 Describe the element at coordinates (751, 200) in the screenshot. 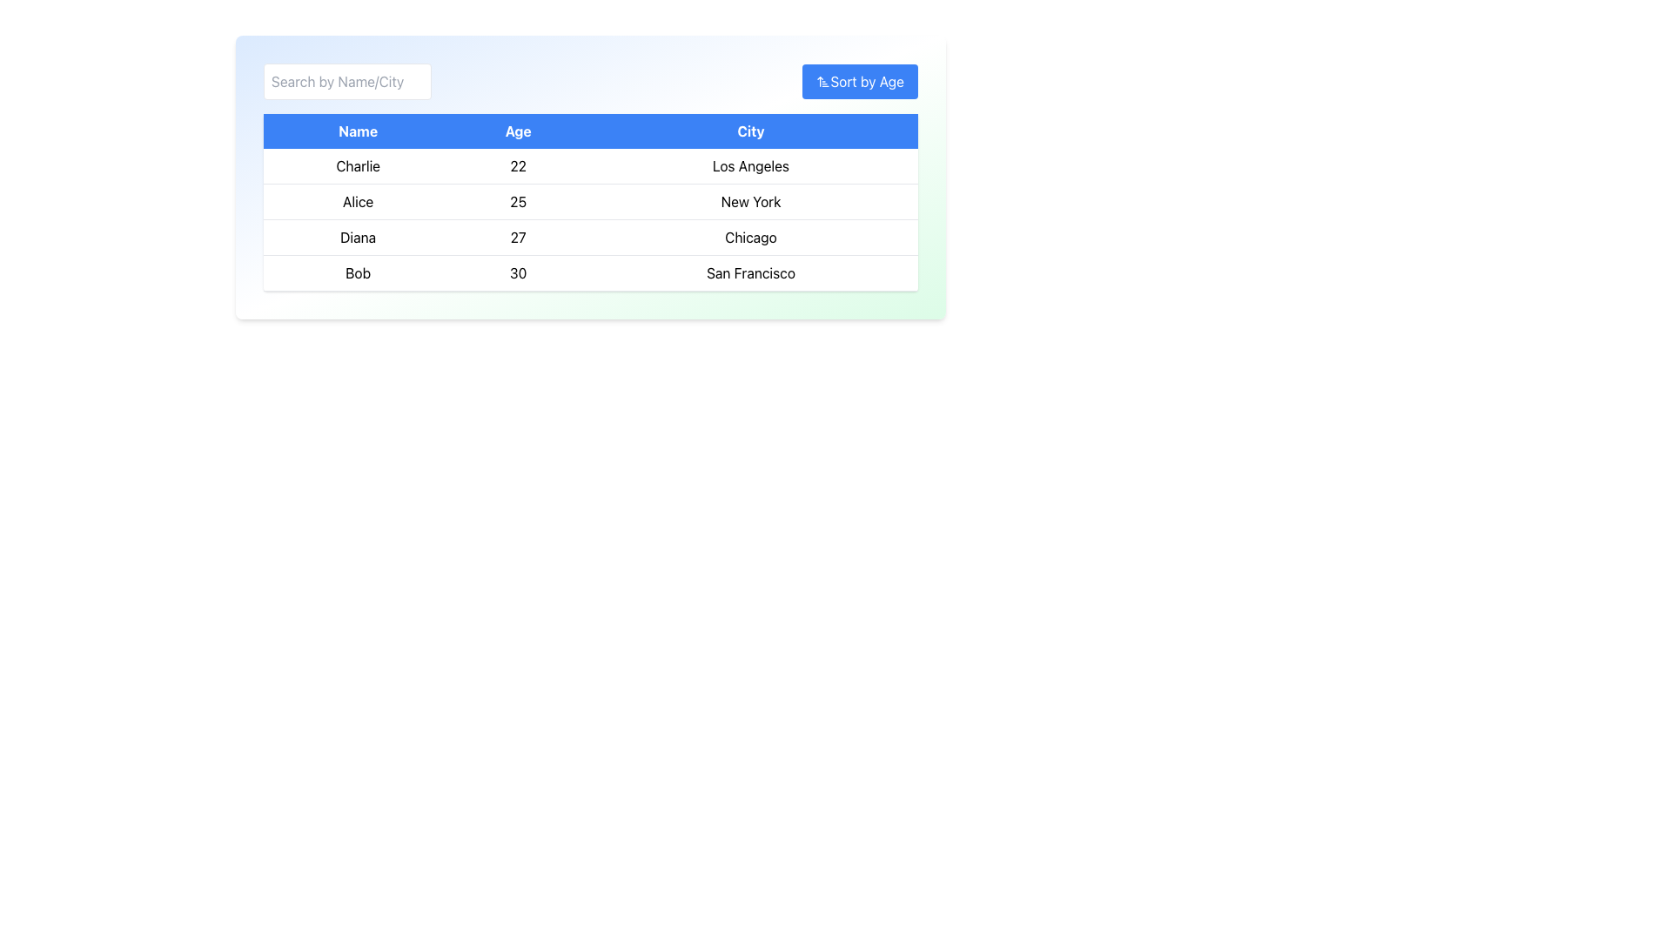

I see `the city information element located in the table under the 'City' column for the row with 'Name' entry 'Alice' and 'Age' entry '25'` at that location.